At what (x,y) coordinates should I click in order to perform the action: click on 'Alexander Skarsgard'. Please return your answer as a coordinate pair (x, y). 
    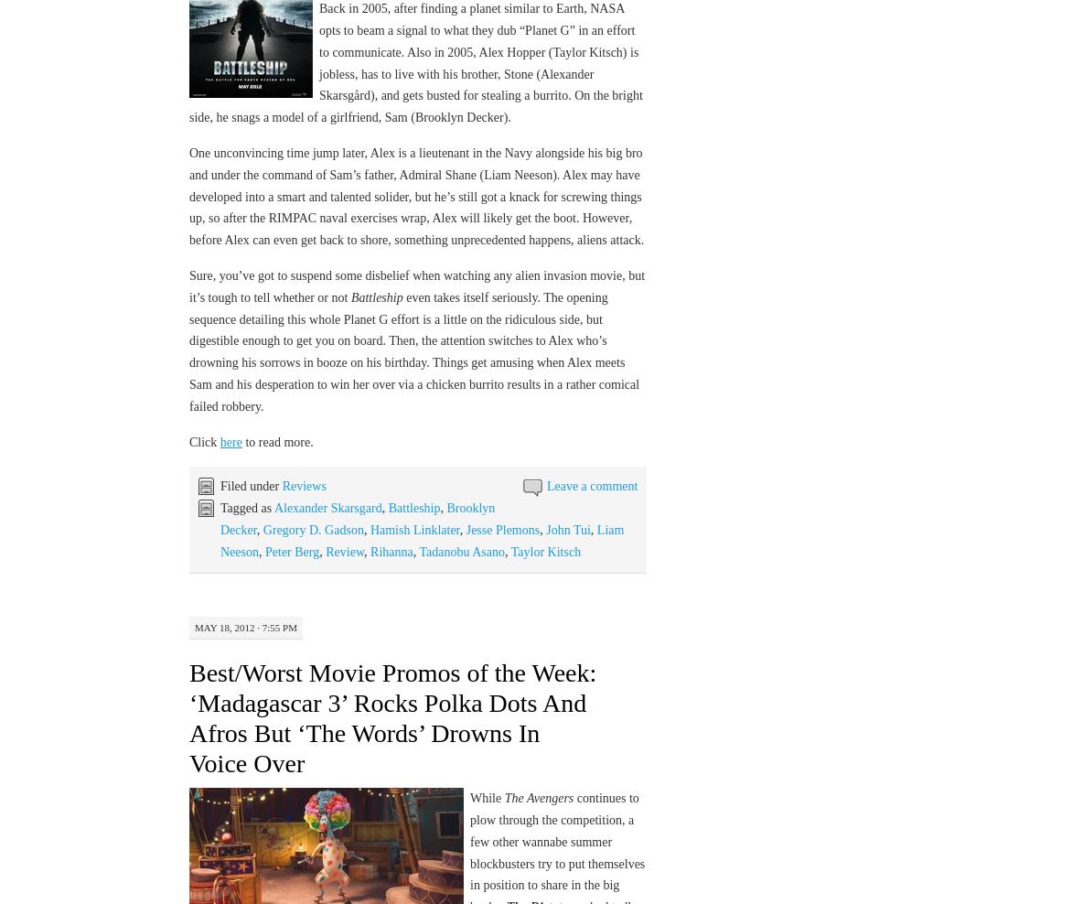
    Looking at the image, I should click on (327, 507).